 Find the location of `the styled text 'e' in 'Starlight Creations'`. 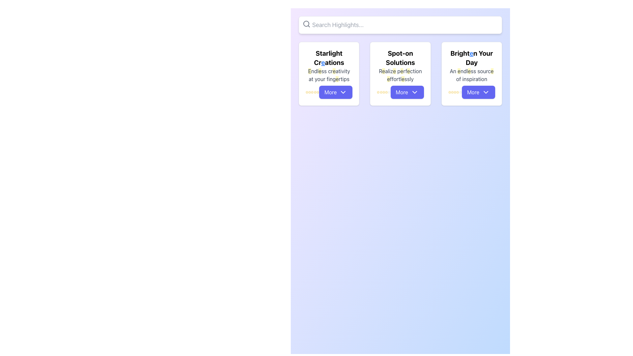

the styled text 'e' in 'Starlight Creations' is located at coordinates (323, 62).